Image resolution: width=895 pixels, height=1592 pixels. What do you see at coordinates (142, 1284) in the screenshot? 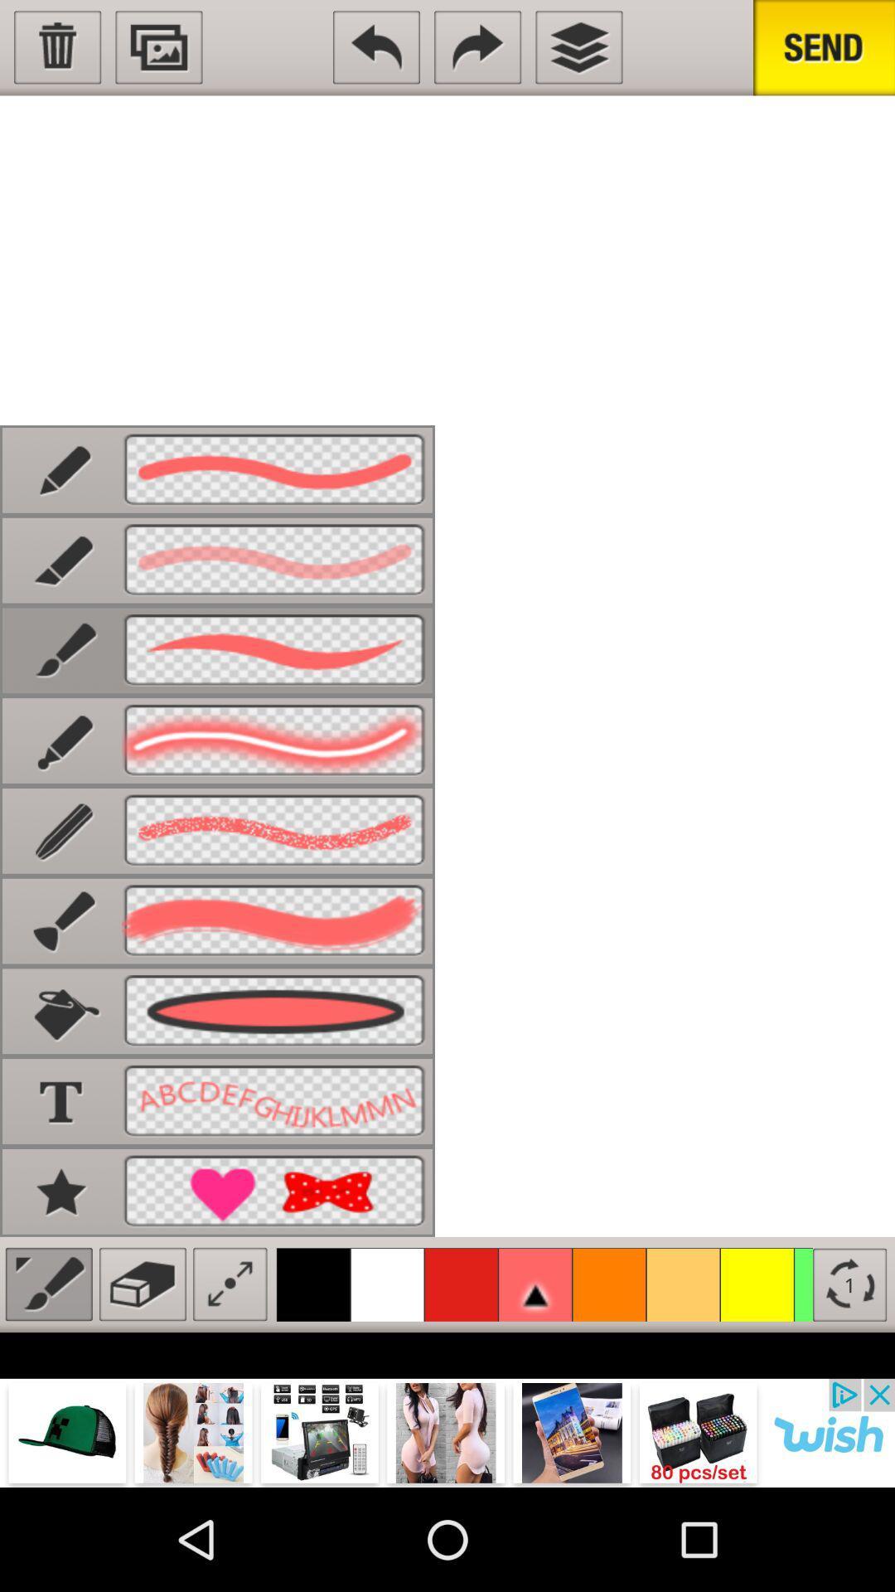
I see `the delete icon` at bounding box center [142, 1284].